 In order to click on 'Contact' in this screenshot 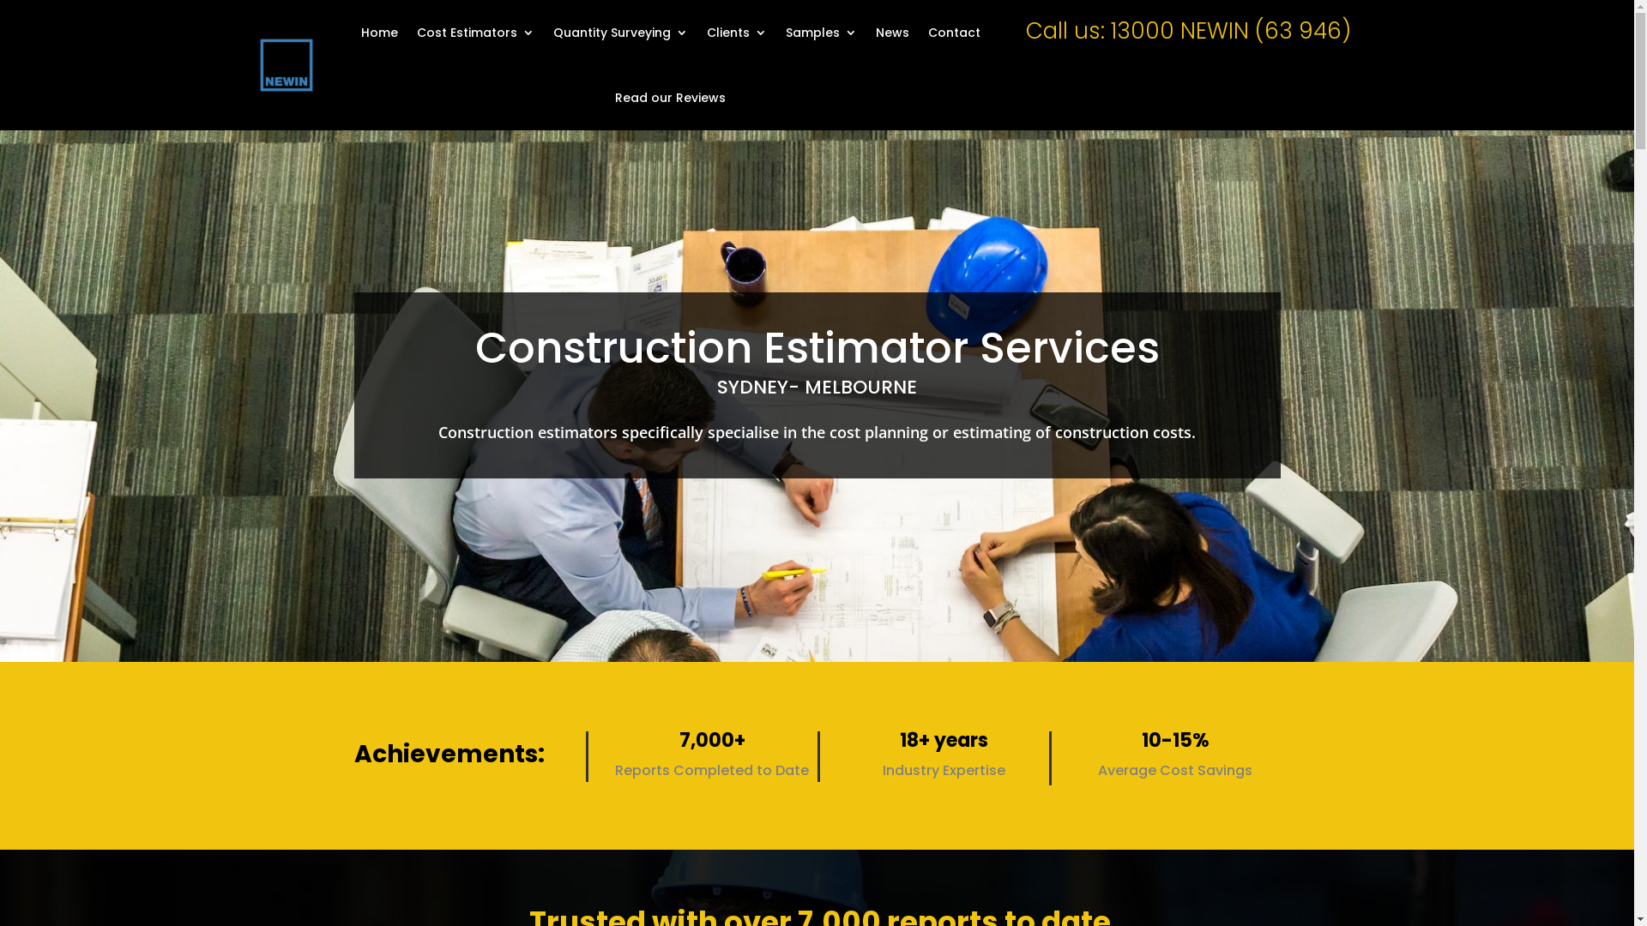, I will do `click(953, 33)`.